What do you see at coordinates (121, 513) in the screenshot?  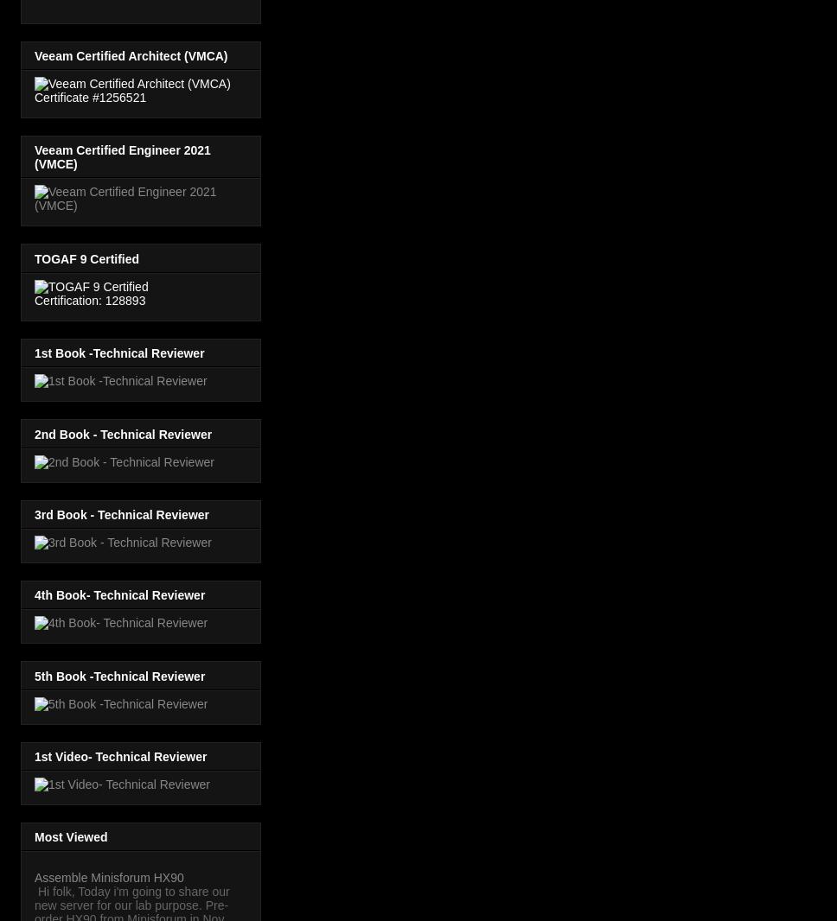 I see `'3rd Book - Technical Reviewer'` at bounding box center [121, 513].